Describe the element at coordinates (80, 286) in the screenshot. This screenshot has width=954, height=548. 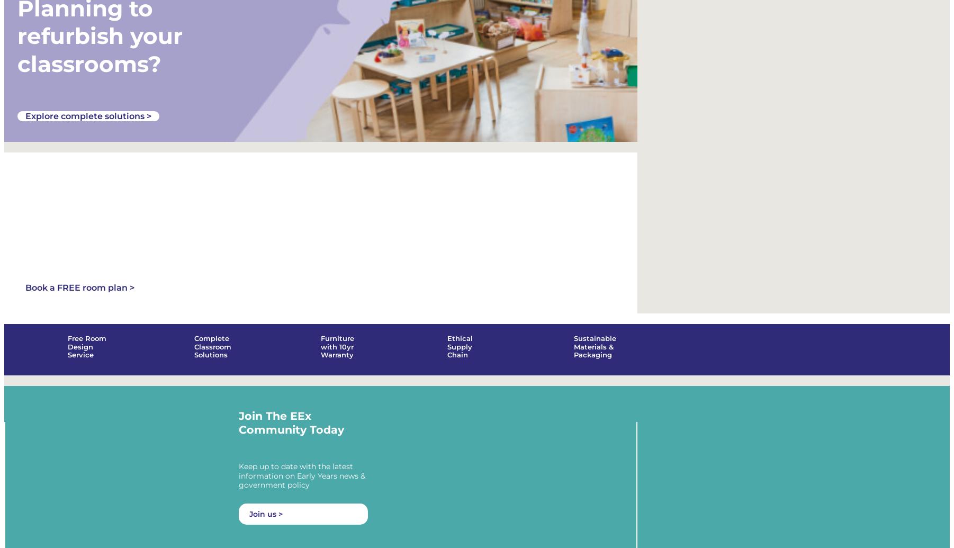
I see `'Book a FREE room plan >'` at that location.